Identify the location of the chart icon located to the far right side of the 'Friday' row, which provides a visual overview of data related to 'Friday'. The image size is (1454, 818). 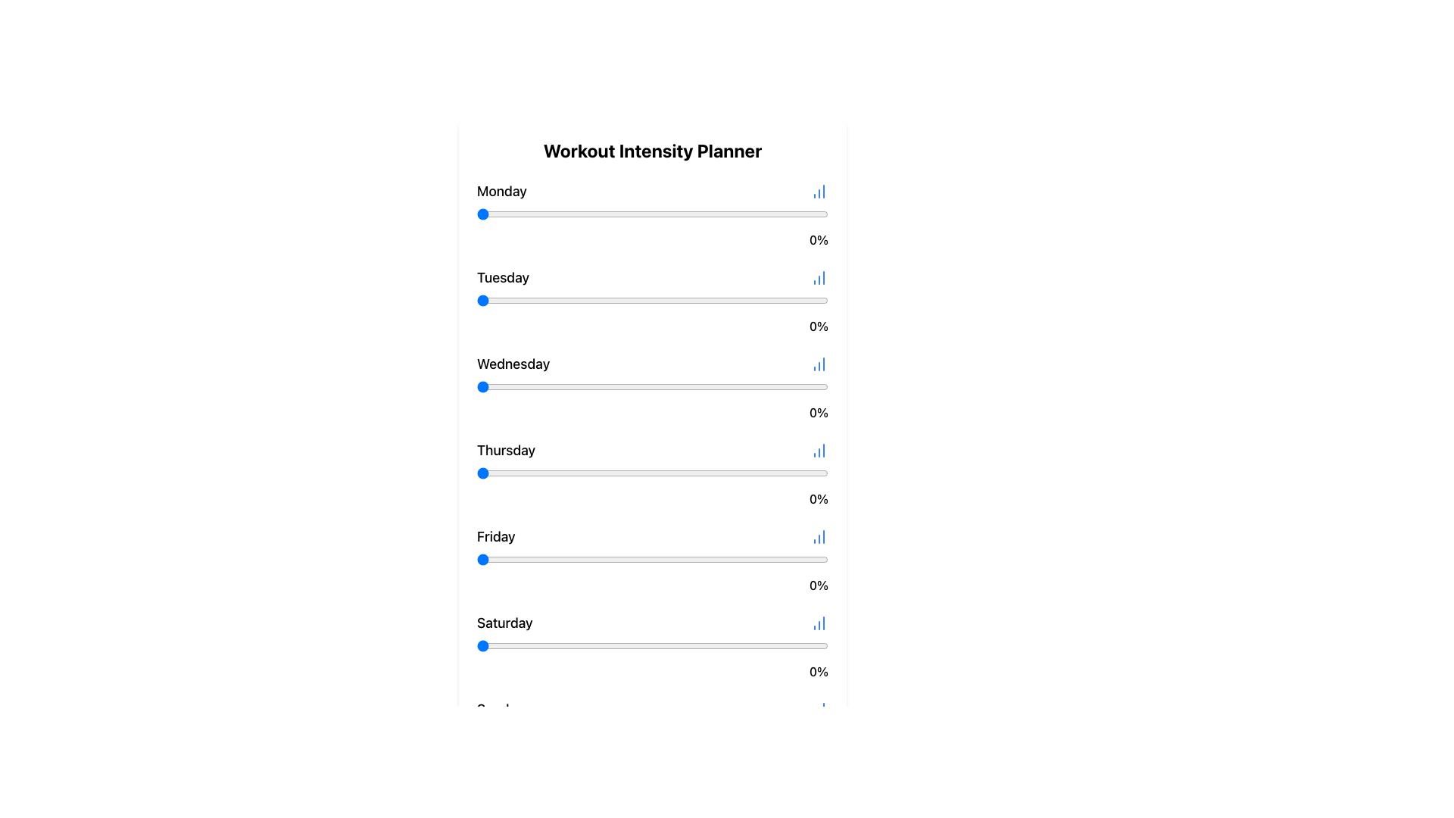
(818, 536).